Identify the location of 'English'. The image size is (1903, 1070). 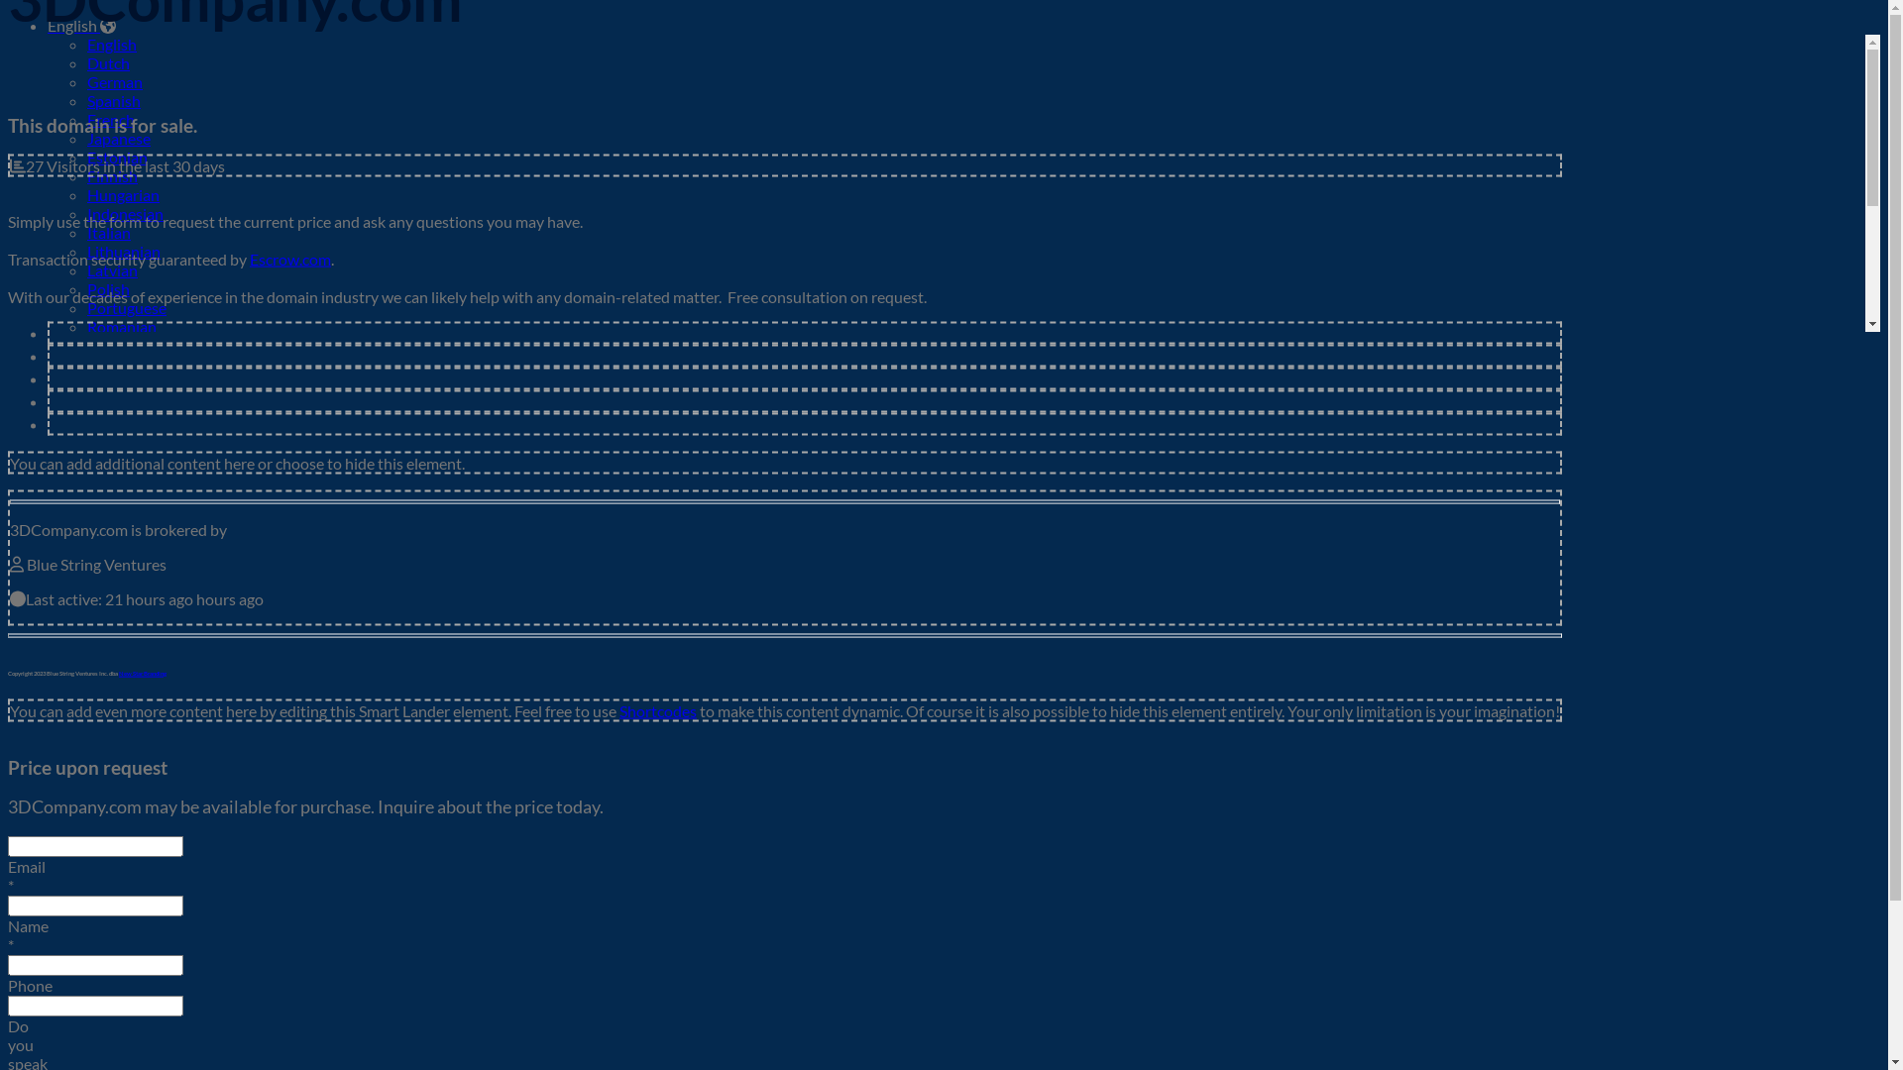
(85, 44).